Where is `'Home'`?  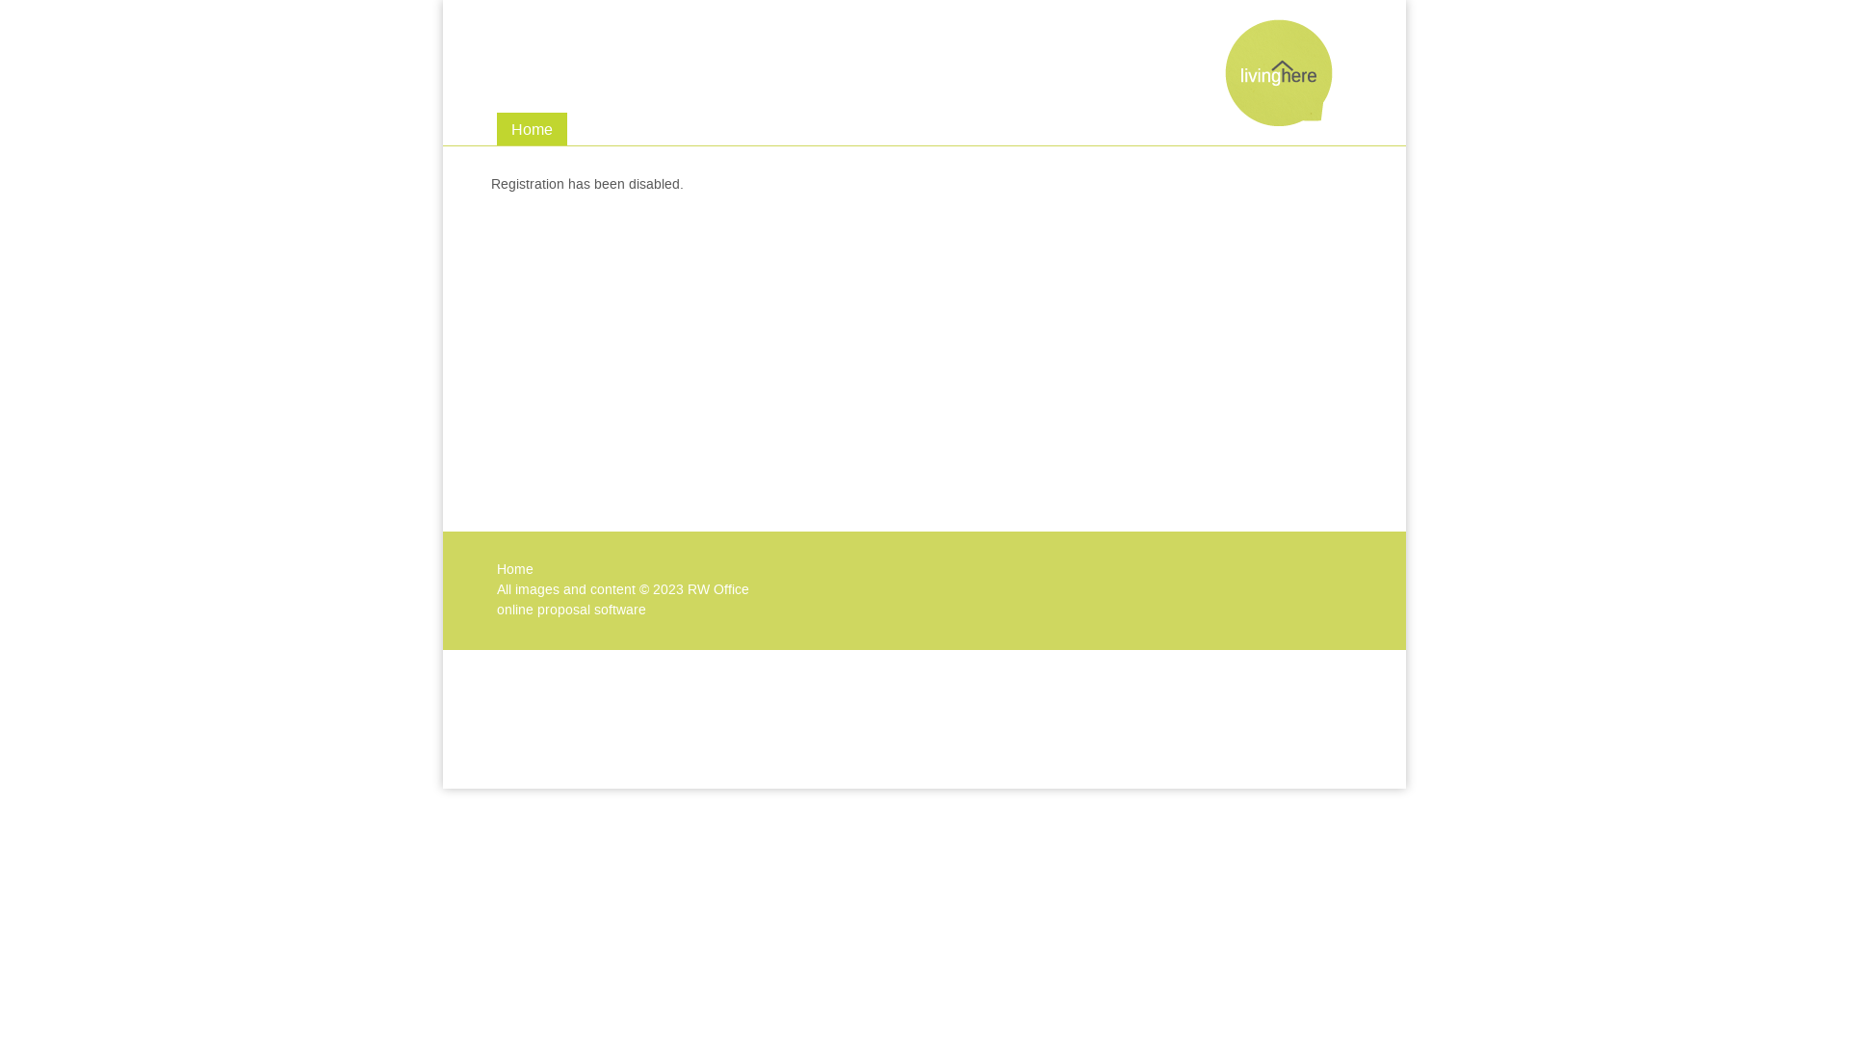 'Home' is located at coordinates (532, 129).